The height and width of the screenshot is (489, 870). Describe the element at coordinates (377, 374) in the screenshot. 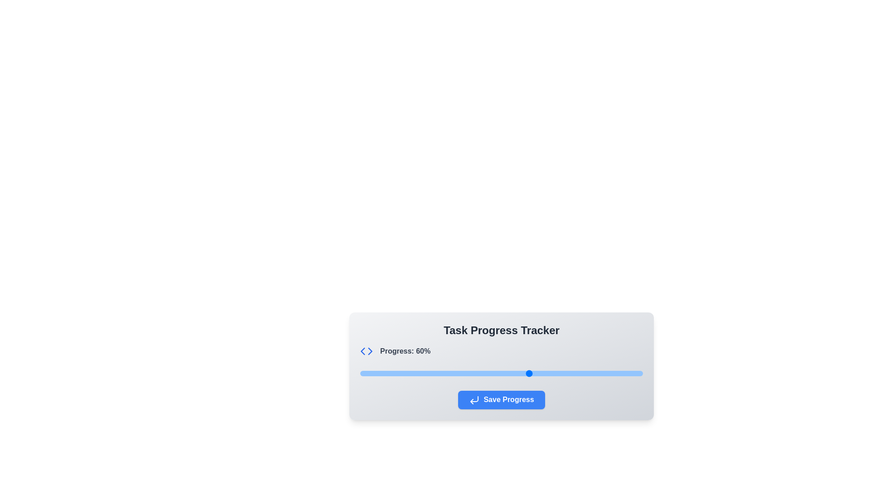

I see `the progress slider to 6%` at that location.